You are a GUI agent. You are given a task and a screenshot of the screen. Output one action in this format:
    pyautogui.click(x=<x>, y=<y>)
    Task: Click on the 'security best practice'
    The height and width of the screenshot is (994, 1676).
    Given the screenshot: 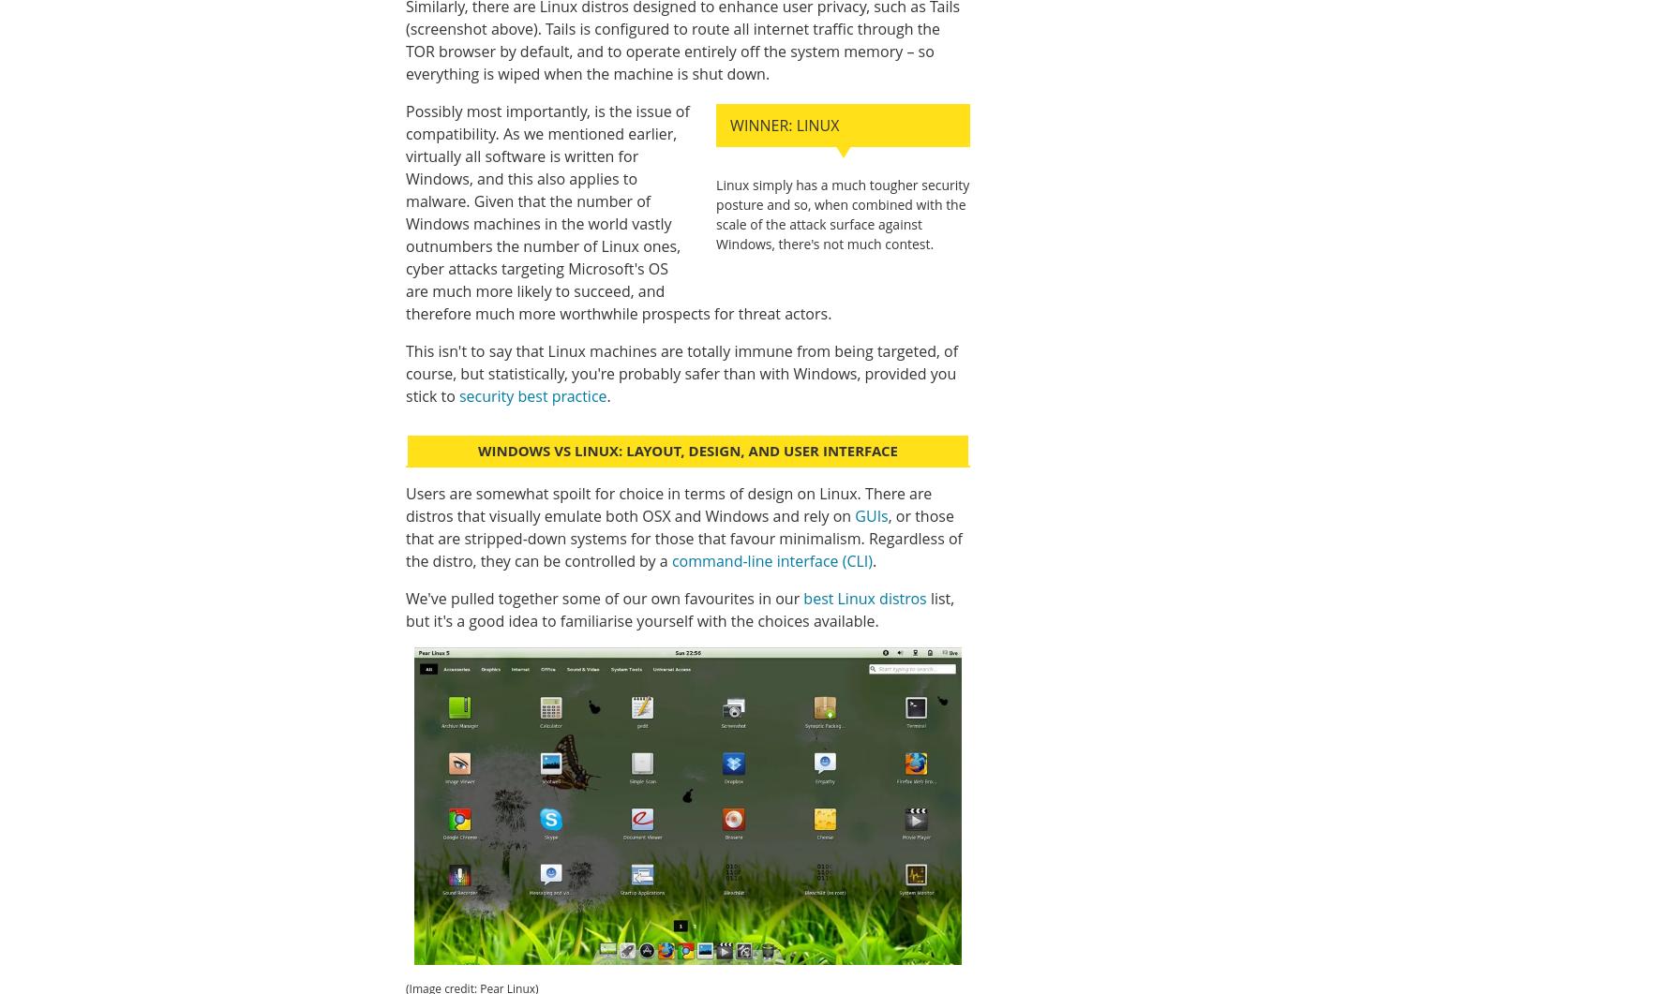 What is the action you would take?
    pyautogui.click(x=532, y=394)
    